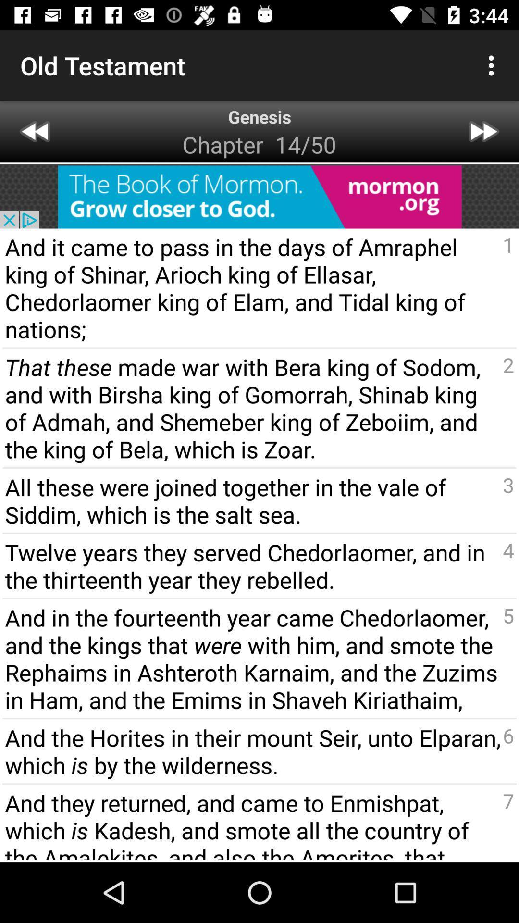 This screenshot has width=519, height=923. I want to click on advertisement, so click(259, 196).